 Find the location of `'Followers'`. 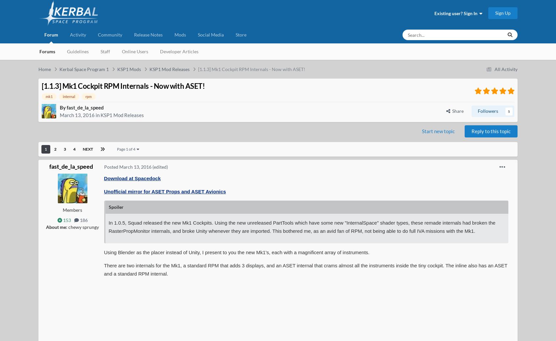

'Followers' is located at coordinates (488, 110).